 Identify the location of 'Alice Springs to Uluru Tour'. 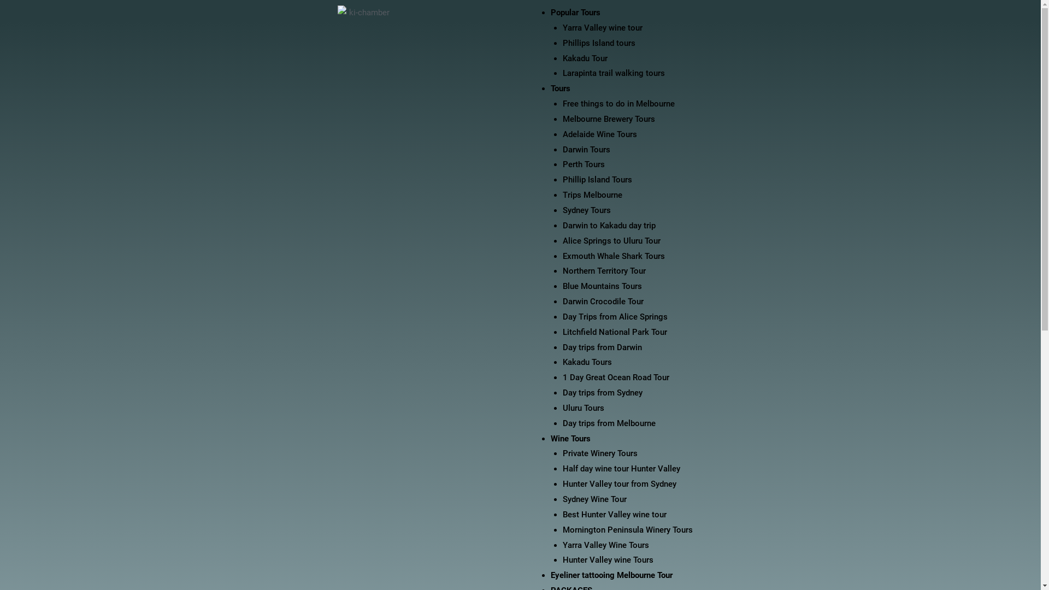
(611, 240).